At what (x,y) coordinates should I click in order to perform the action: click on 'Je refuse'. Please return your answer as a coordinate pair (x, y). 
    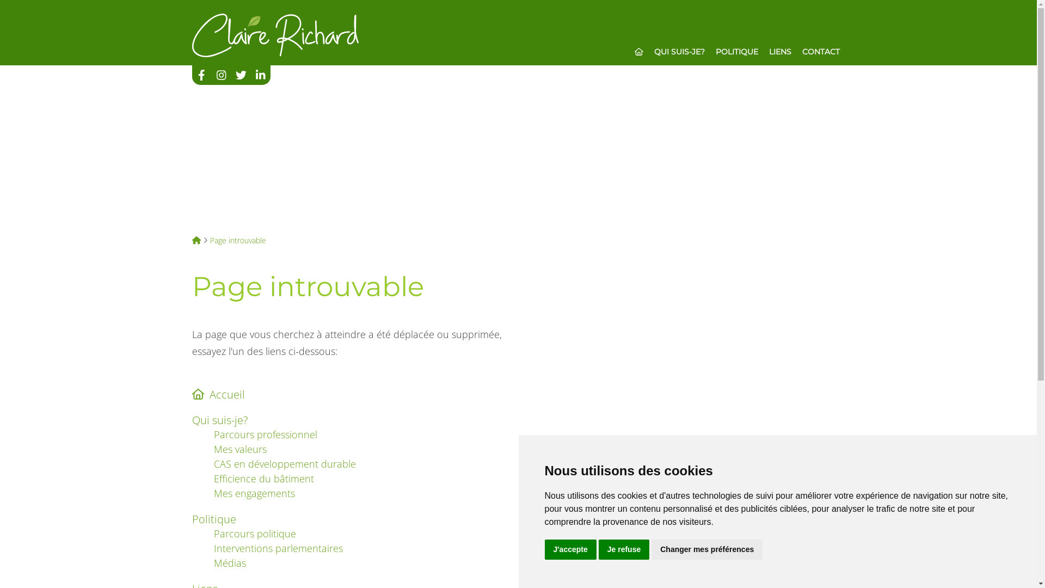
    Looking at the image, I should click on (624, 549).